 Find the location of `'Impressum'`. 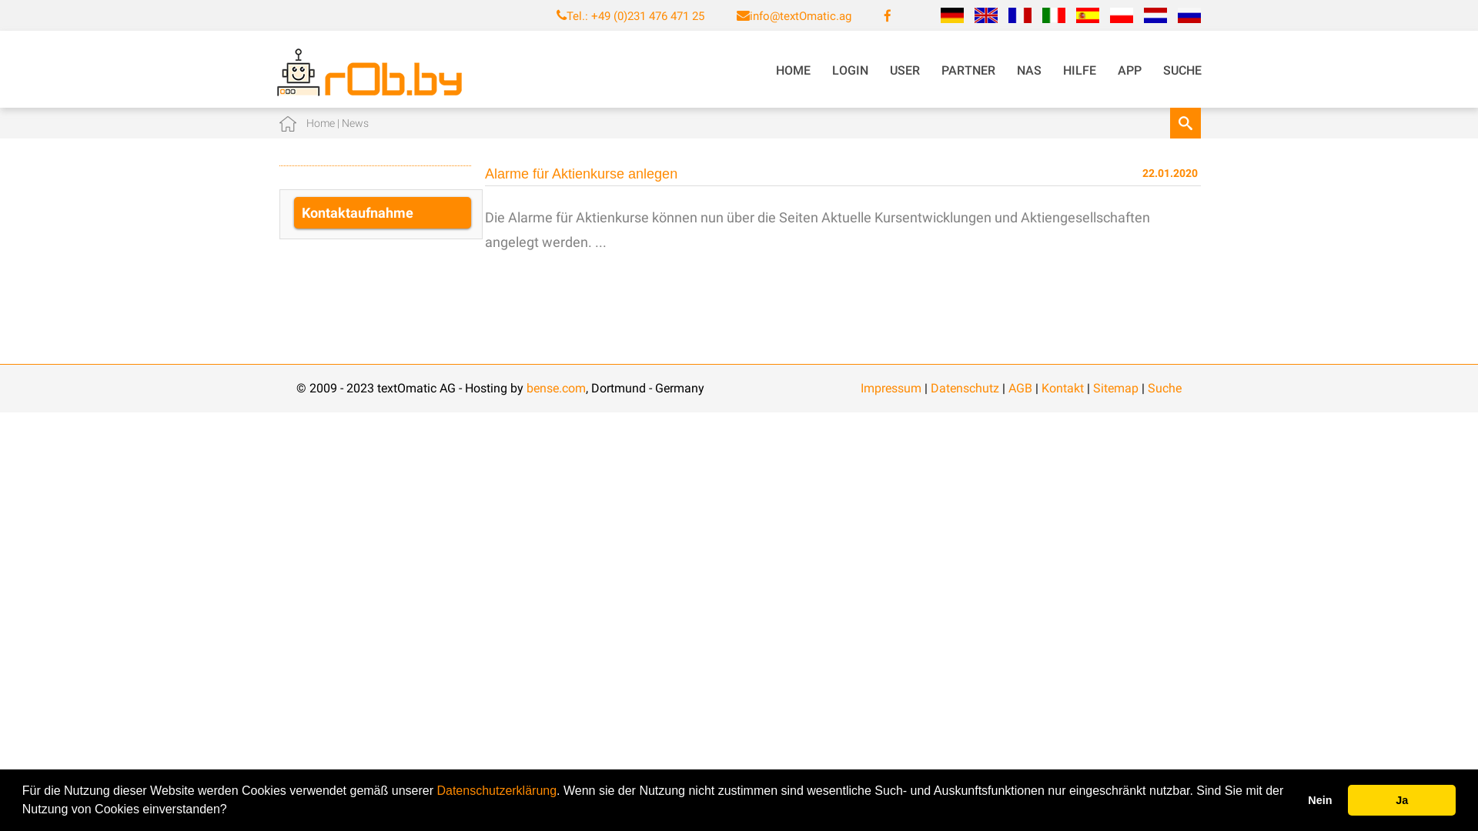

'Impressum' is located at coordinates (891, 387).